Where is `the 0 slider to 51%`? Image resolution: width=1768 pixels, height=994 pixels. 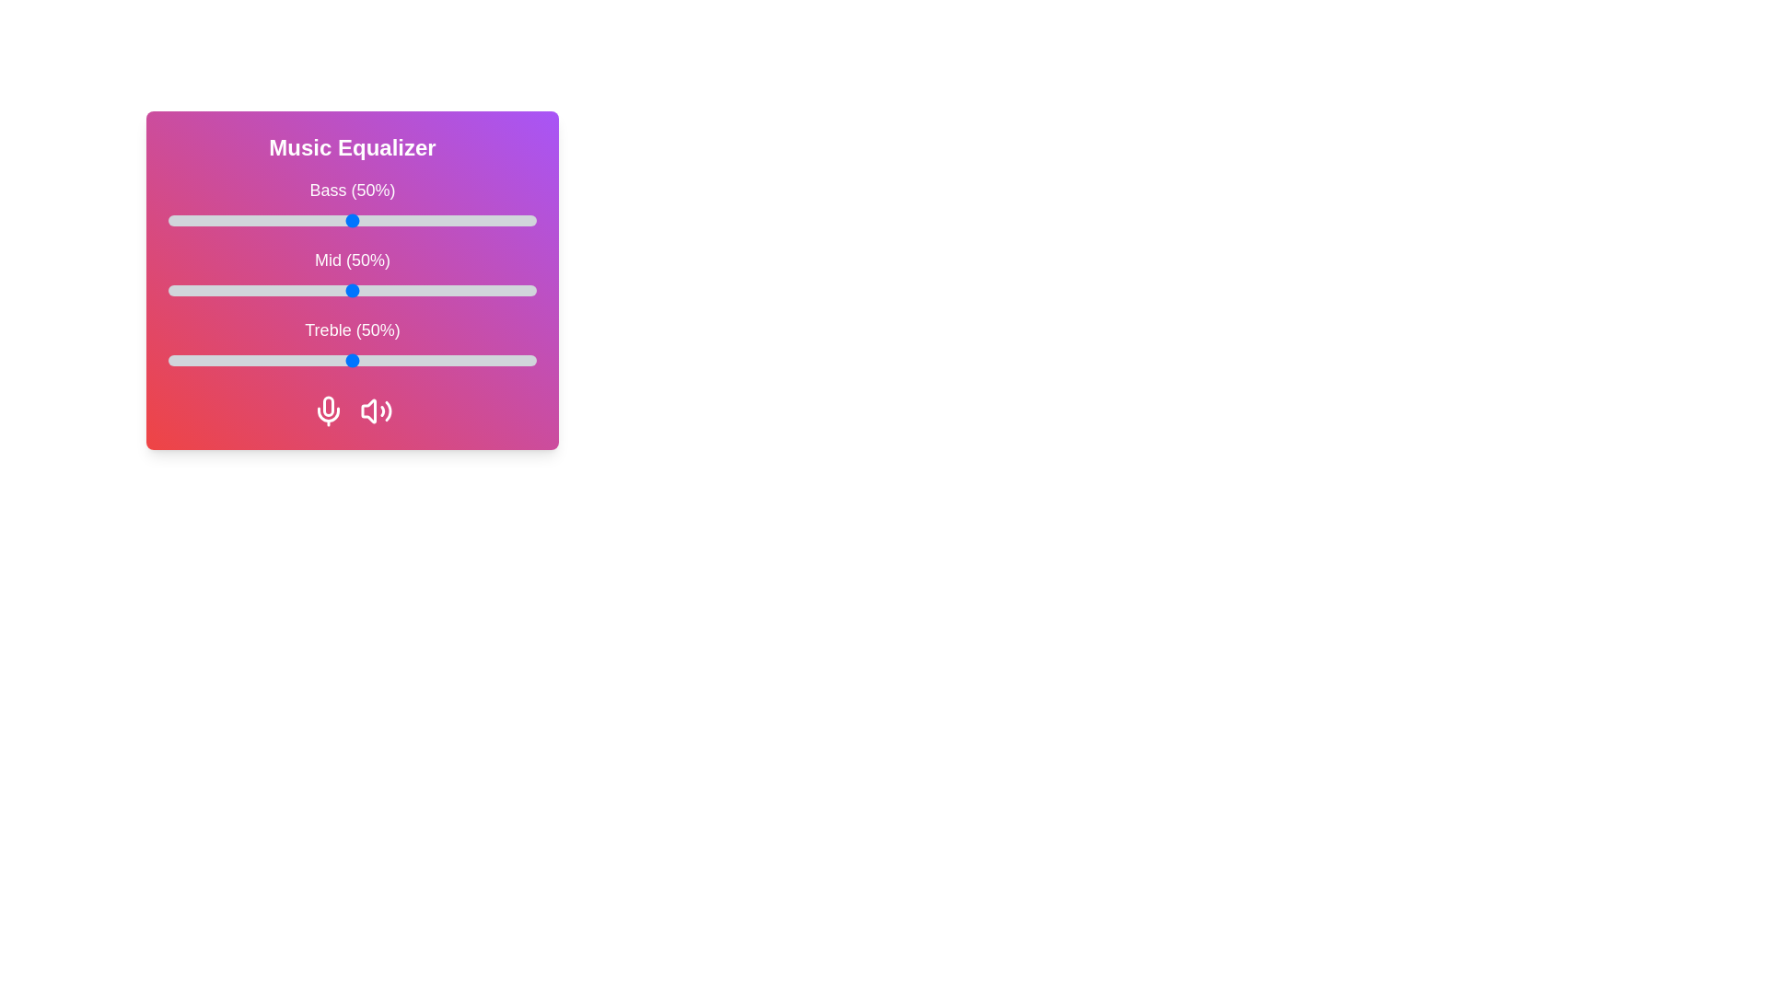
the 0 slider to 51% is located at coordinates (356, 219).